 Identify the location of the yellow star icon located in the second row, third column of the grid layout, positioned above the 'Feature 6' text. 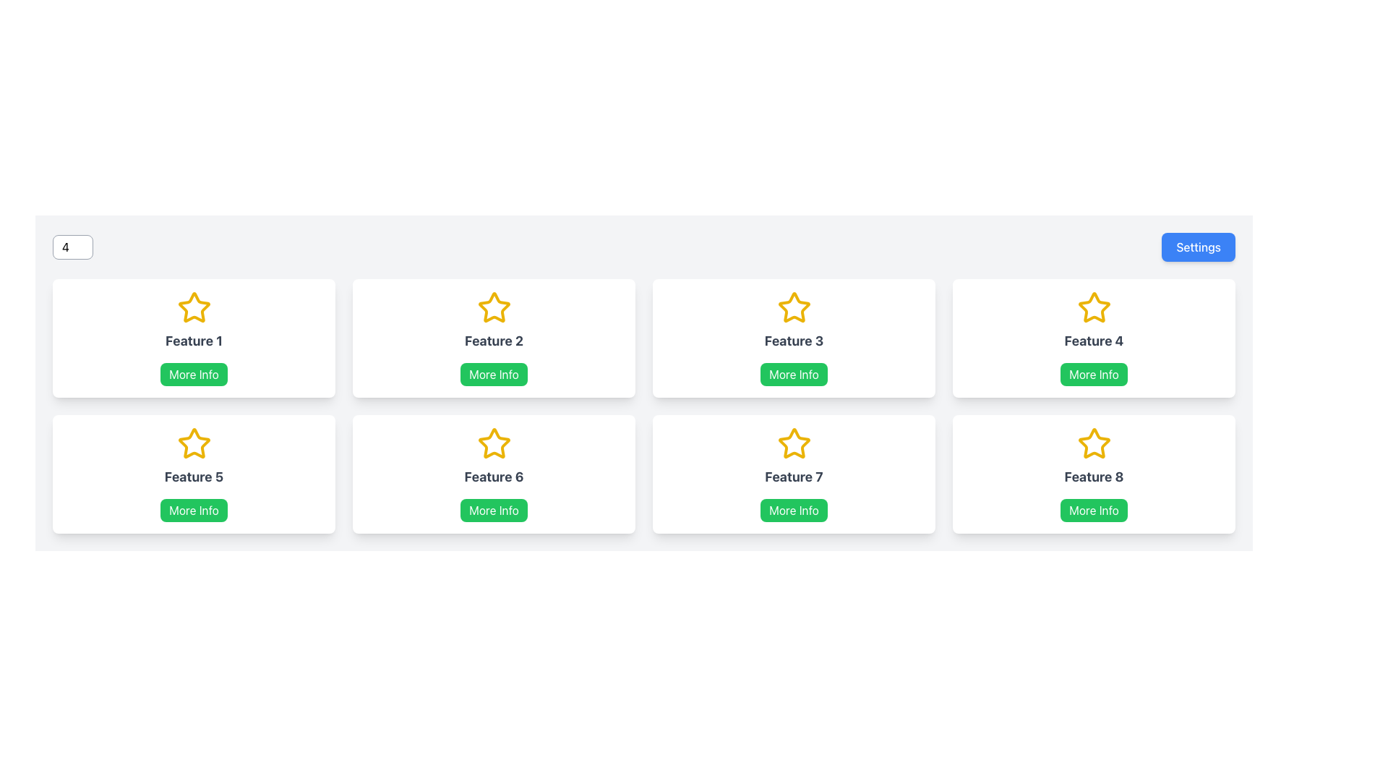
(494, 443).